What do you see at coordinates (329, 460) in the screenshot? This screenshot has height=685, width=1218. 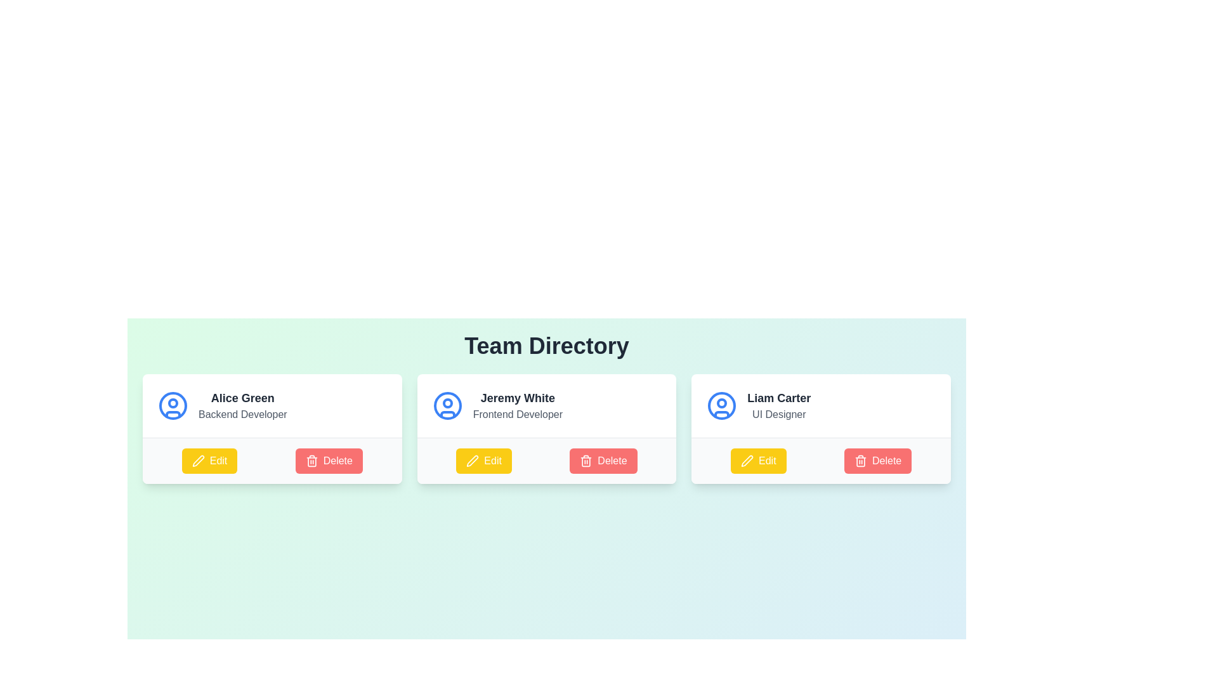 I see `the red 'Delete' button with a trash can icon located to the right of the yellow 'Edit' button in the control section of the card labeled 'Alice Green - Backend Developer'` at bounding box center [329, 460].